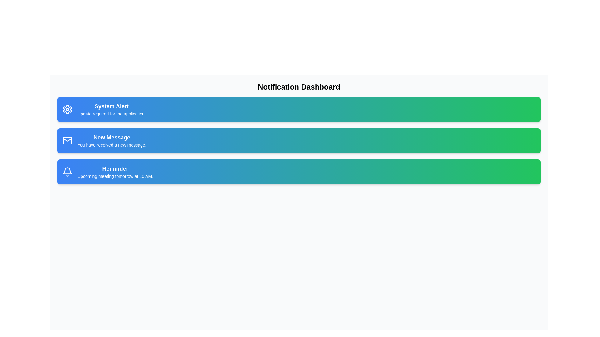 The image size is (600, 337). Describe the element at coordinates (298, 172) in the screenshot. I see `the notification card for Reminder` at that location.